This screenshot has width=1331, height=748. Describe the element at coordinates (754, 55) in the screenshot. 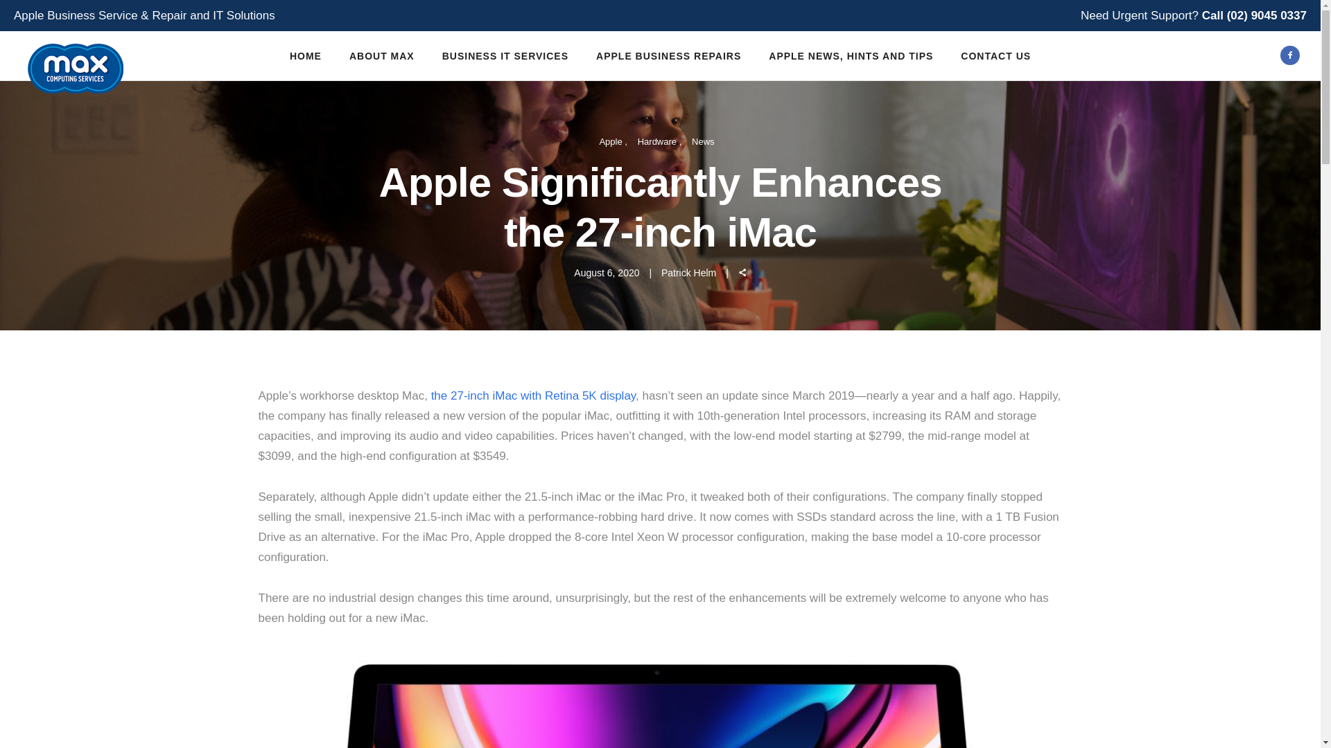

I see `'APPLE NEWS, HINTS AND TIPS'` at that location.